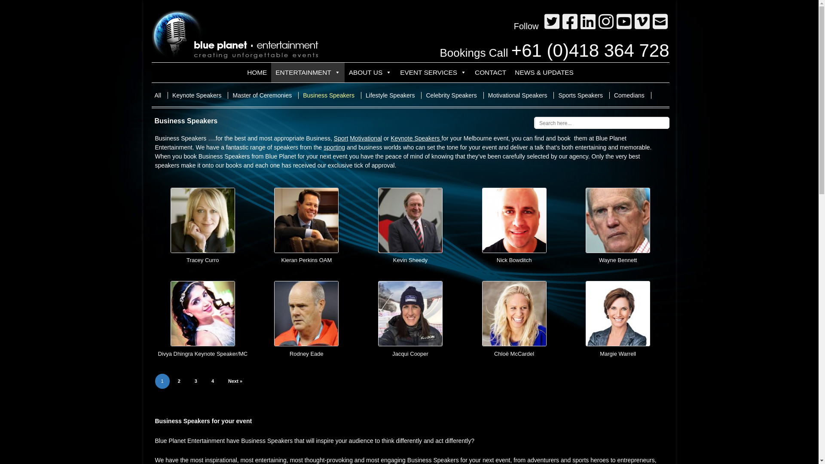  Describe the element at coordinates (202, 220) in the screenshot. I see `'Tracey Curro'` at that location.